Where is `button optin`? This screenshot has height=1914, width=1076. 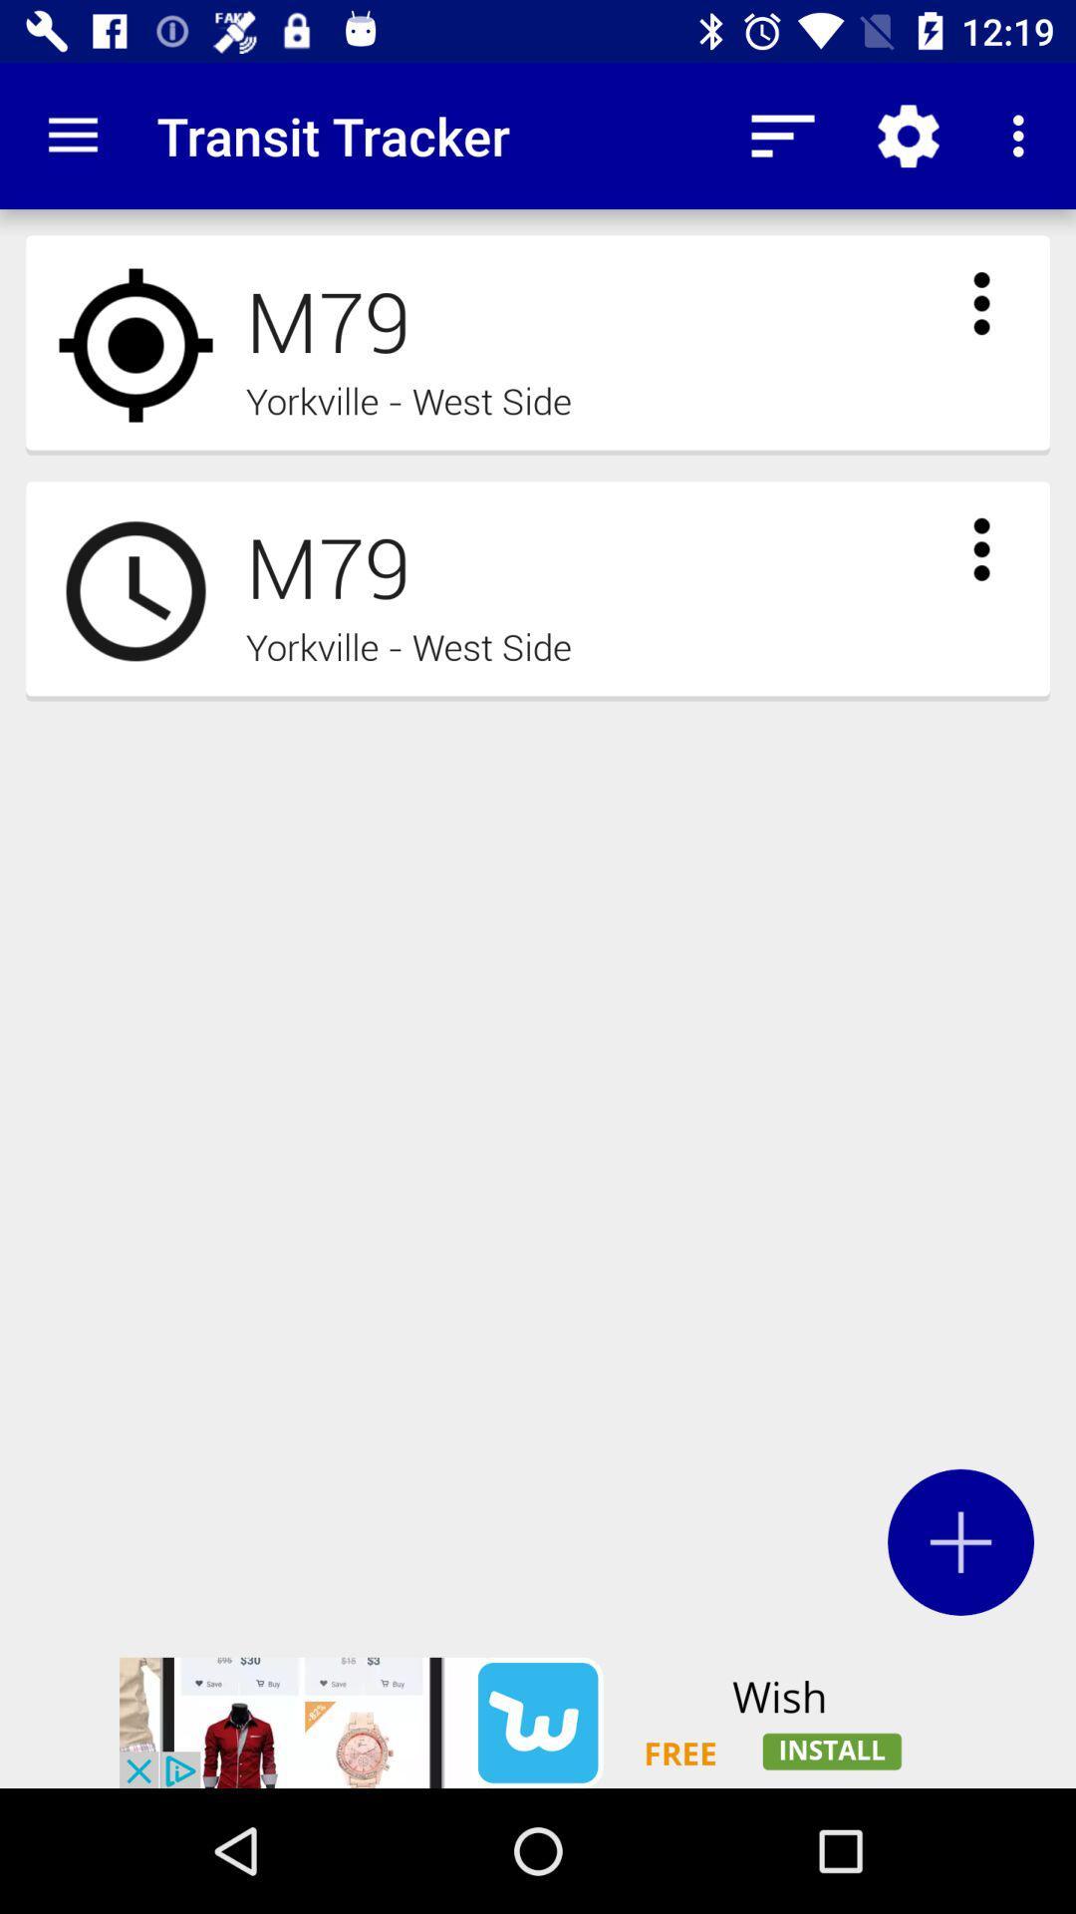 button optin is located at coordinates (959, 1541).